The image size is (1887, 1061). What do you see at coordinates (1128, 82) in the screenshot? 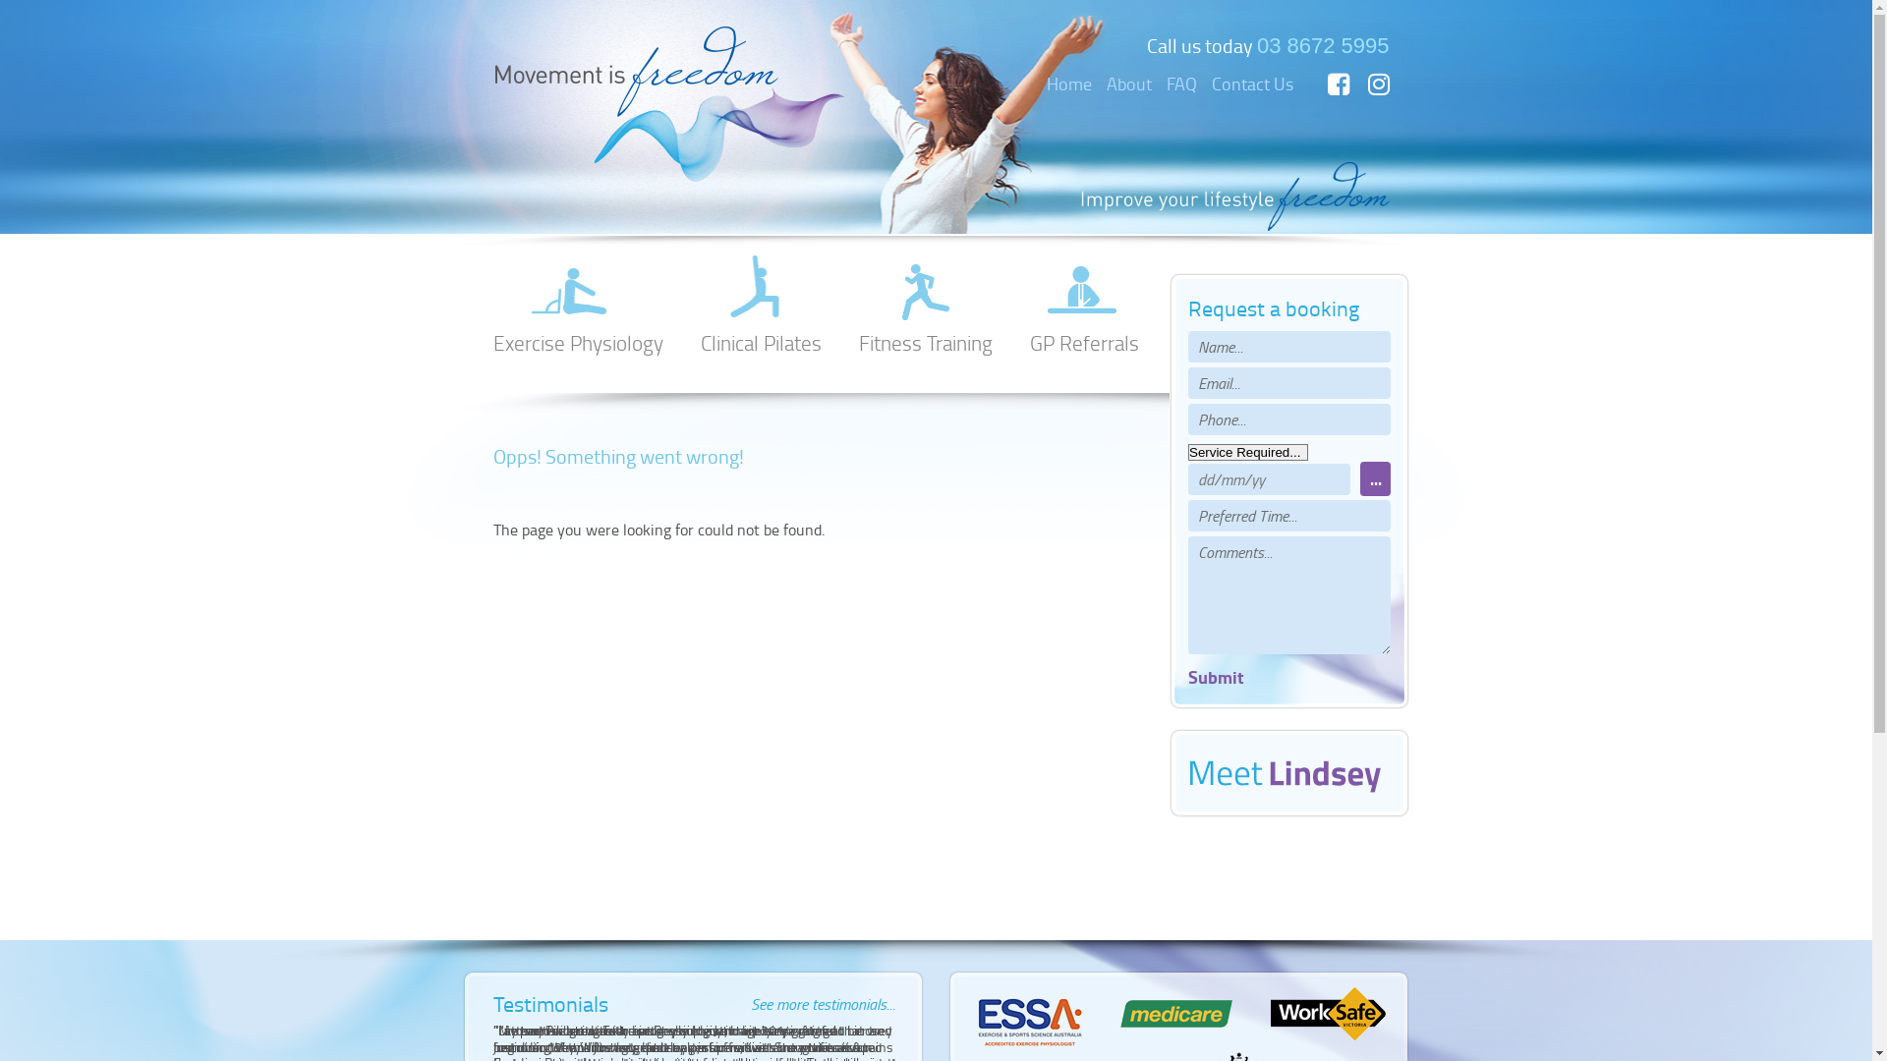
I see `'About'` at bounding box center [1128, 82].